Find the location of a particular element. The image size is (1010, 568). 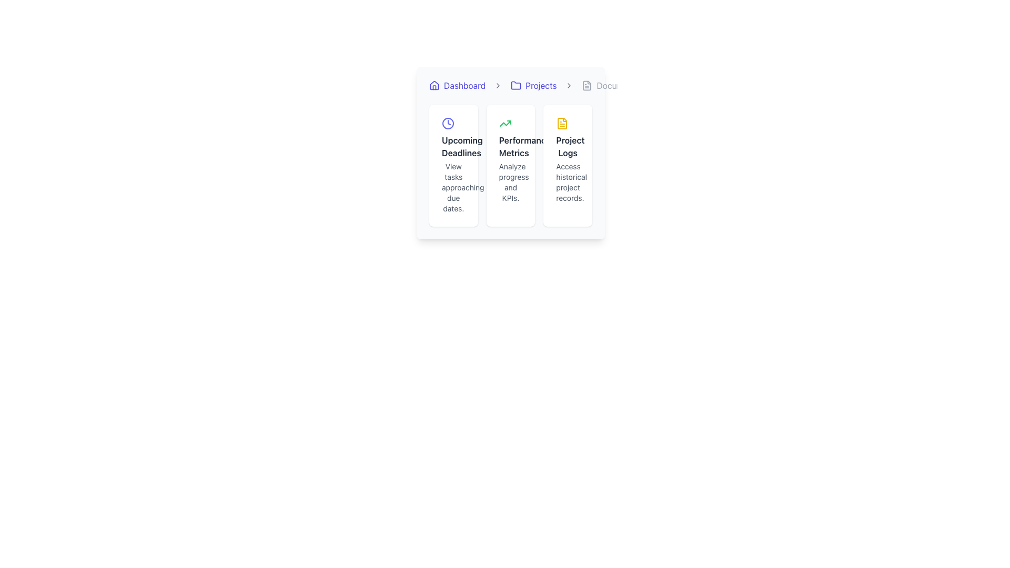

the upward trending vector graphic icon located above the 'Performance Metrics' card in the center of the three displayed cards is located at coordinates (505, 123).